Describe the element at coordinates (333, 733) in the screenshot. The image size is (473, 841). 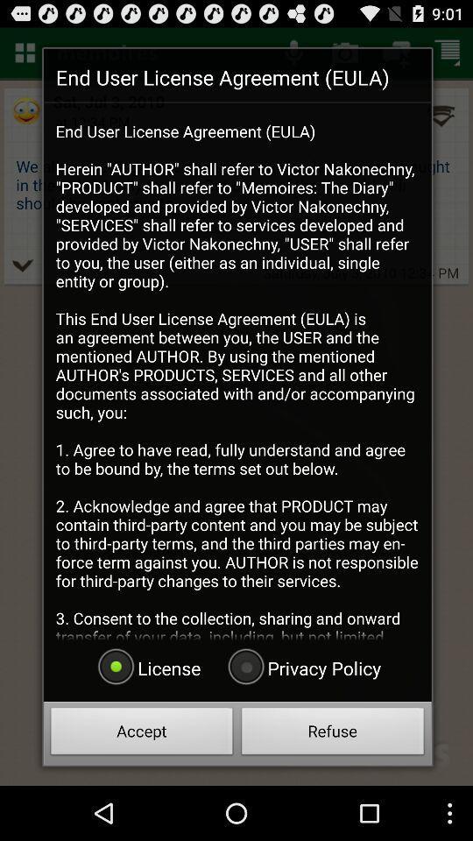
I see `the item next to the accept button` at that location.